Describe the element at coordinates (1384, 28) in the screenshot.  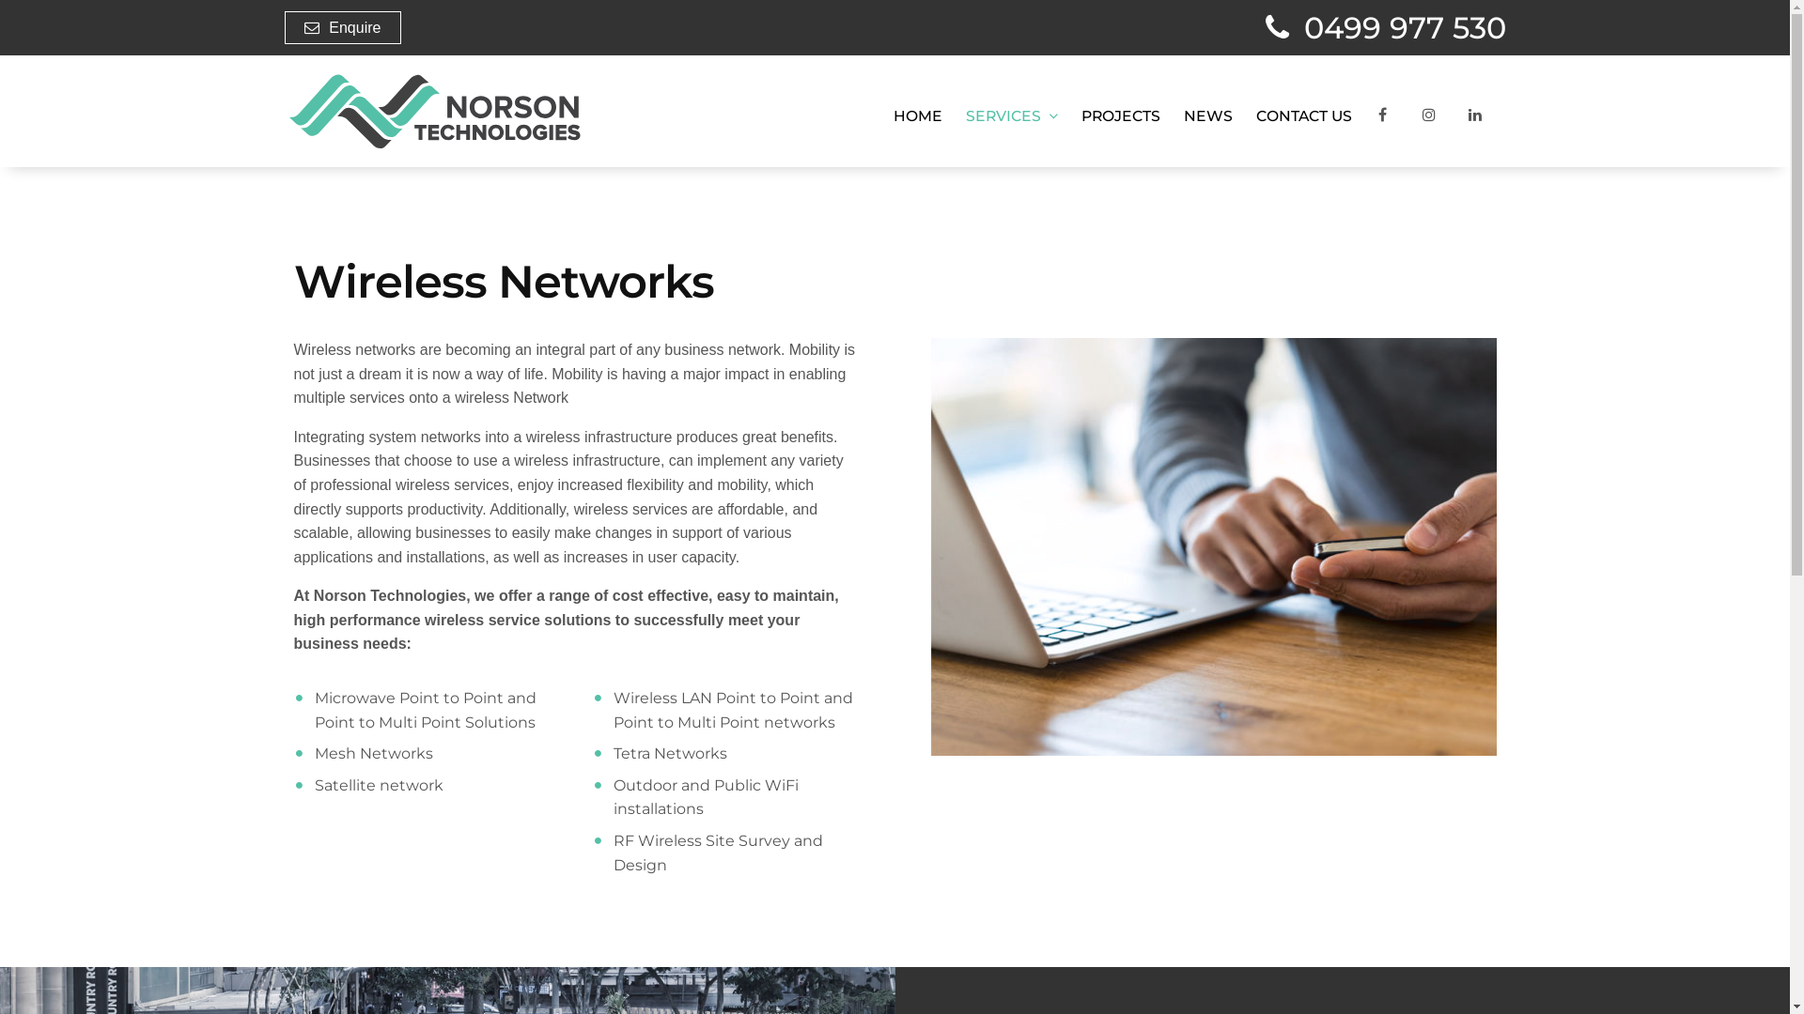
I see `'0499 977 530'` at that location.